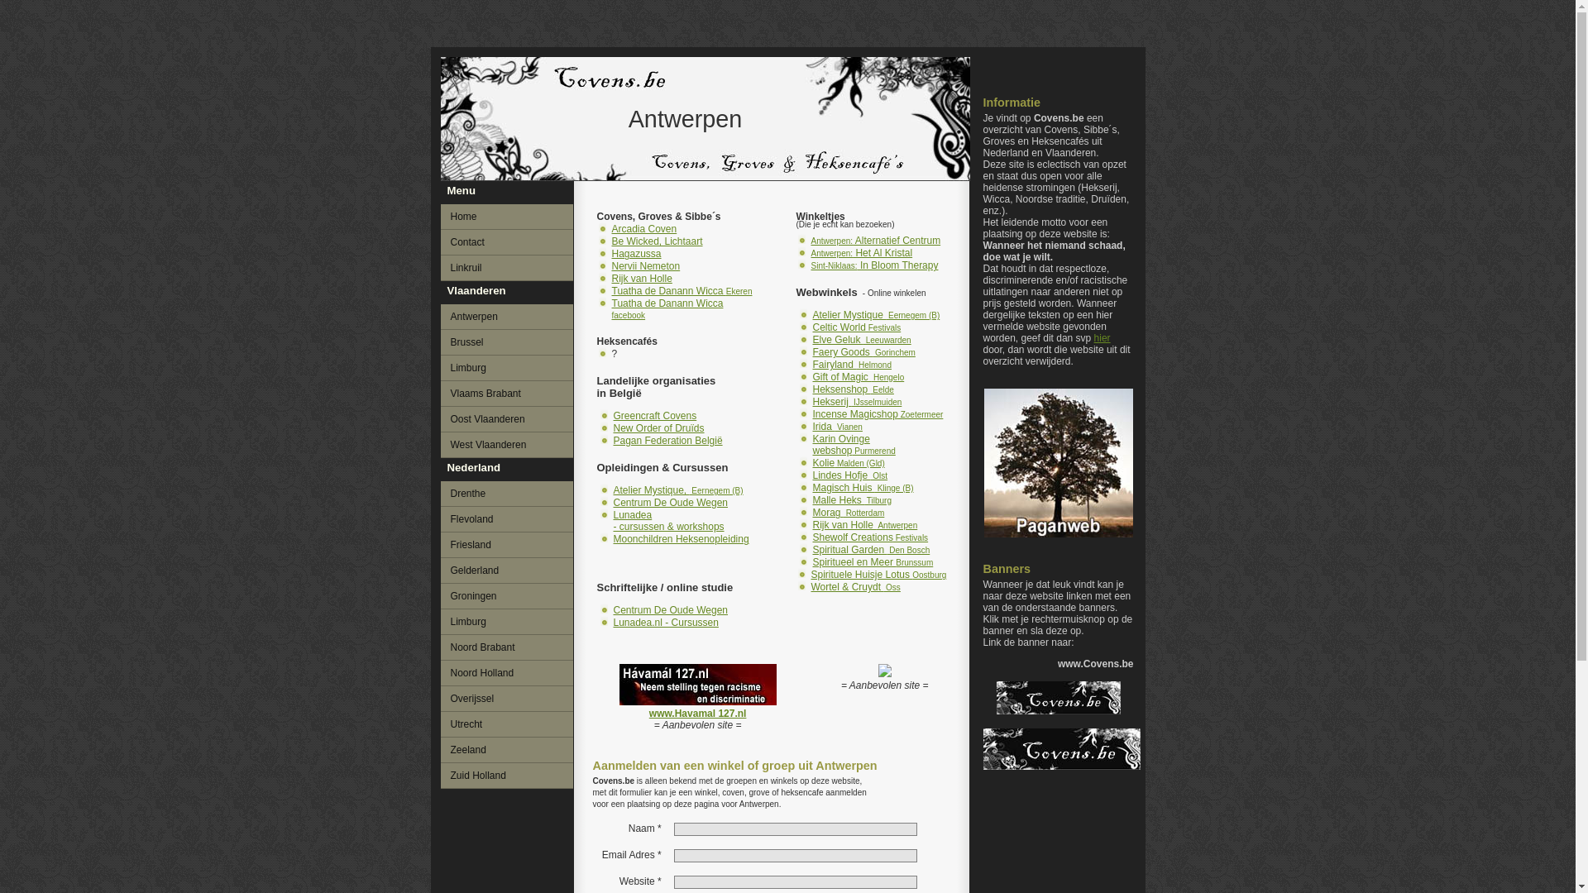  Describe the element at coordinates (505, 443) in the screenshot. I see `'West Vlaanderen'` at that location.